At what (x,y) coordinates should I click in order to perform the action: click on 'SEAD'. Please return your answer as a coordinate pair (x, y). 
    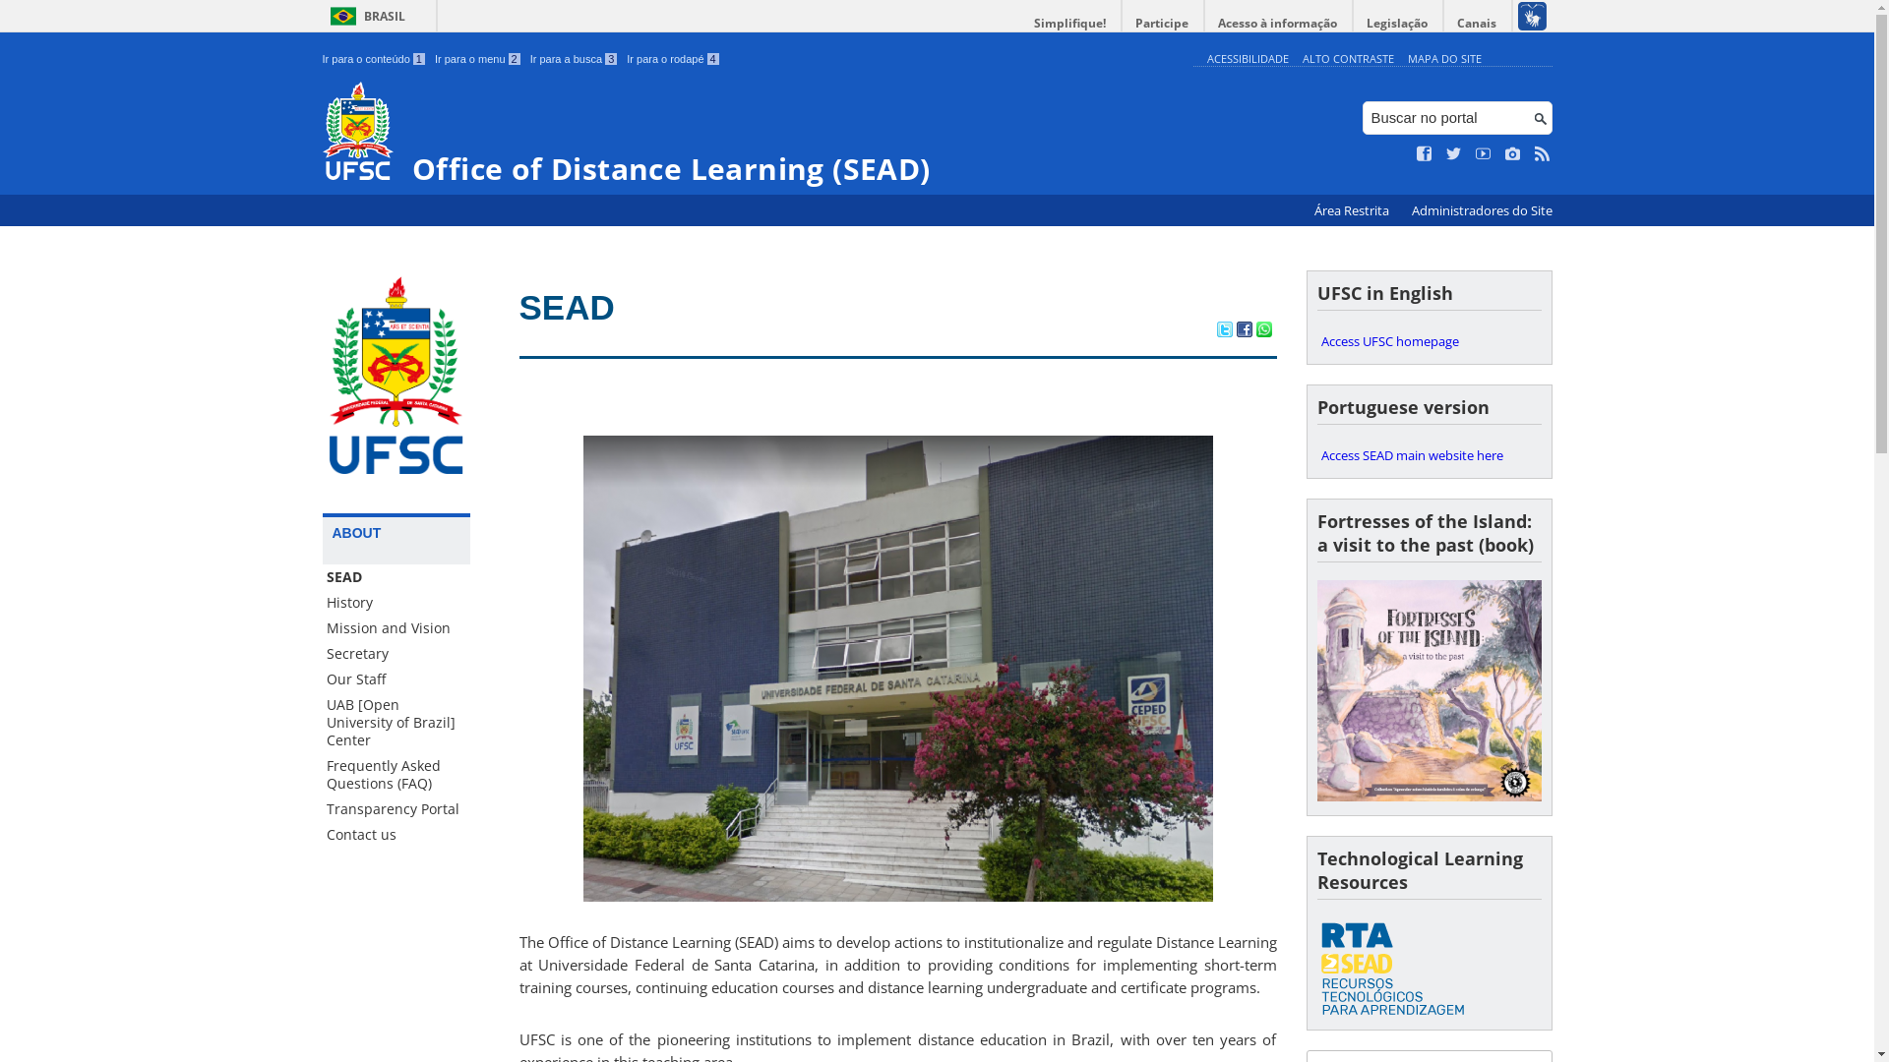
    Looking at the image, I should click on (519, 307).